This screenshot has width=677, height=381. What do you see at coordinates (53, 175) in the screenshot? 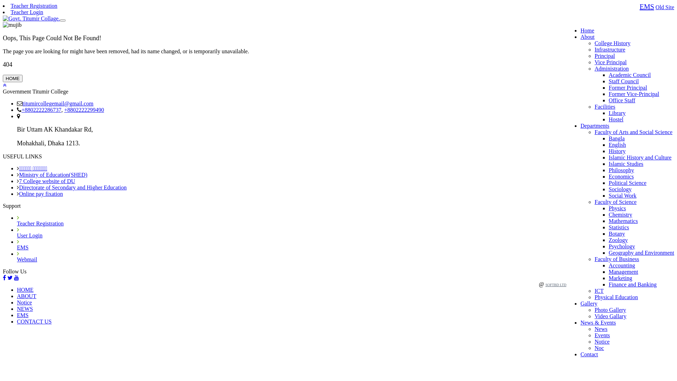
I see `'Ministry of Education(SHED)'` at bounding box center [53, 175].